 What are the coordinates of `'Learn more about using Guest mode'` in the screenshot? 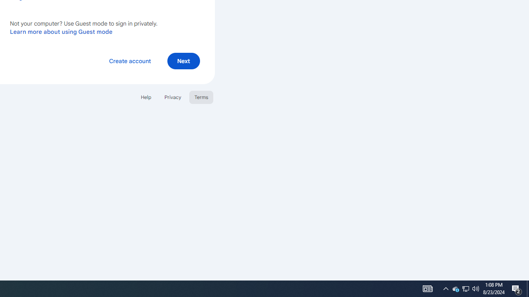 It's located at (61, 31).